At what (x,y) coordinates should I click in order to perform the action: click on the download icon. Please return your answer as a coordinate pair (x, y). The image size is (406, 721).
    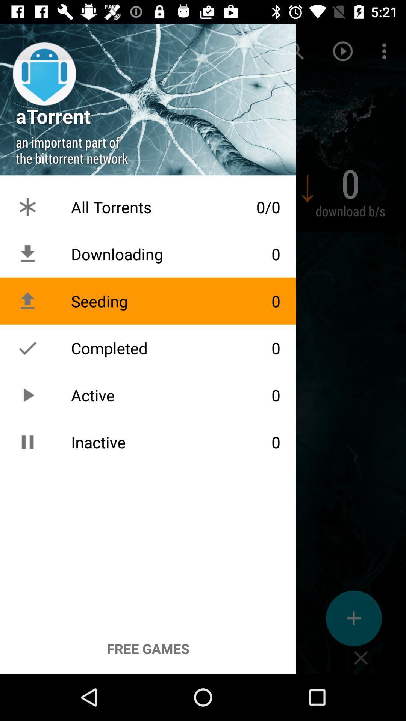
    Looking at the image, I should click on (27, 254).